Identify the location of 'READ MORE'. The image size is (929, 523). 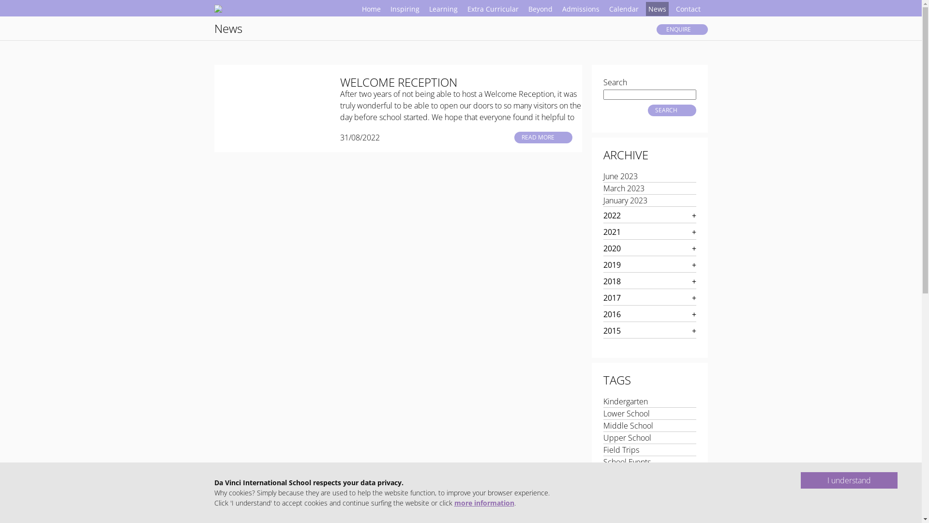
(543, 138).